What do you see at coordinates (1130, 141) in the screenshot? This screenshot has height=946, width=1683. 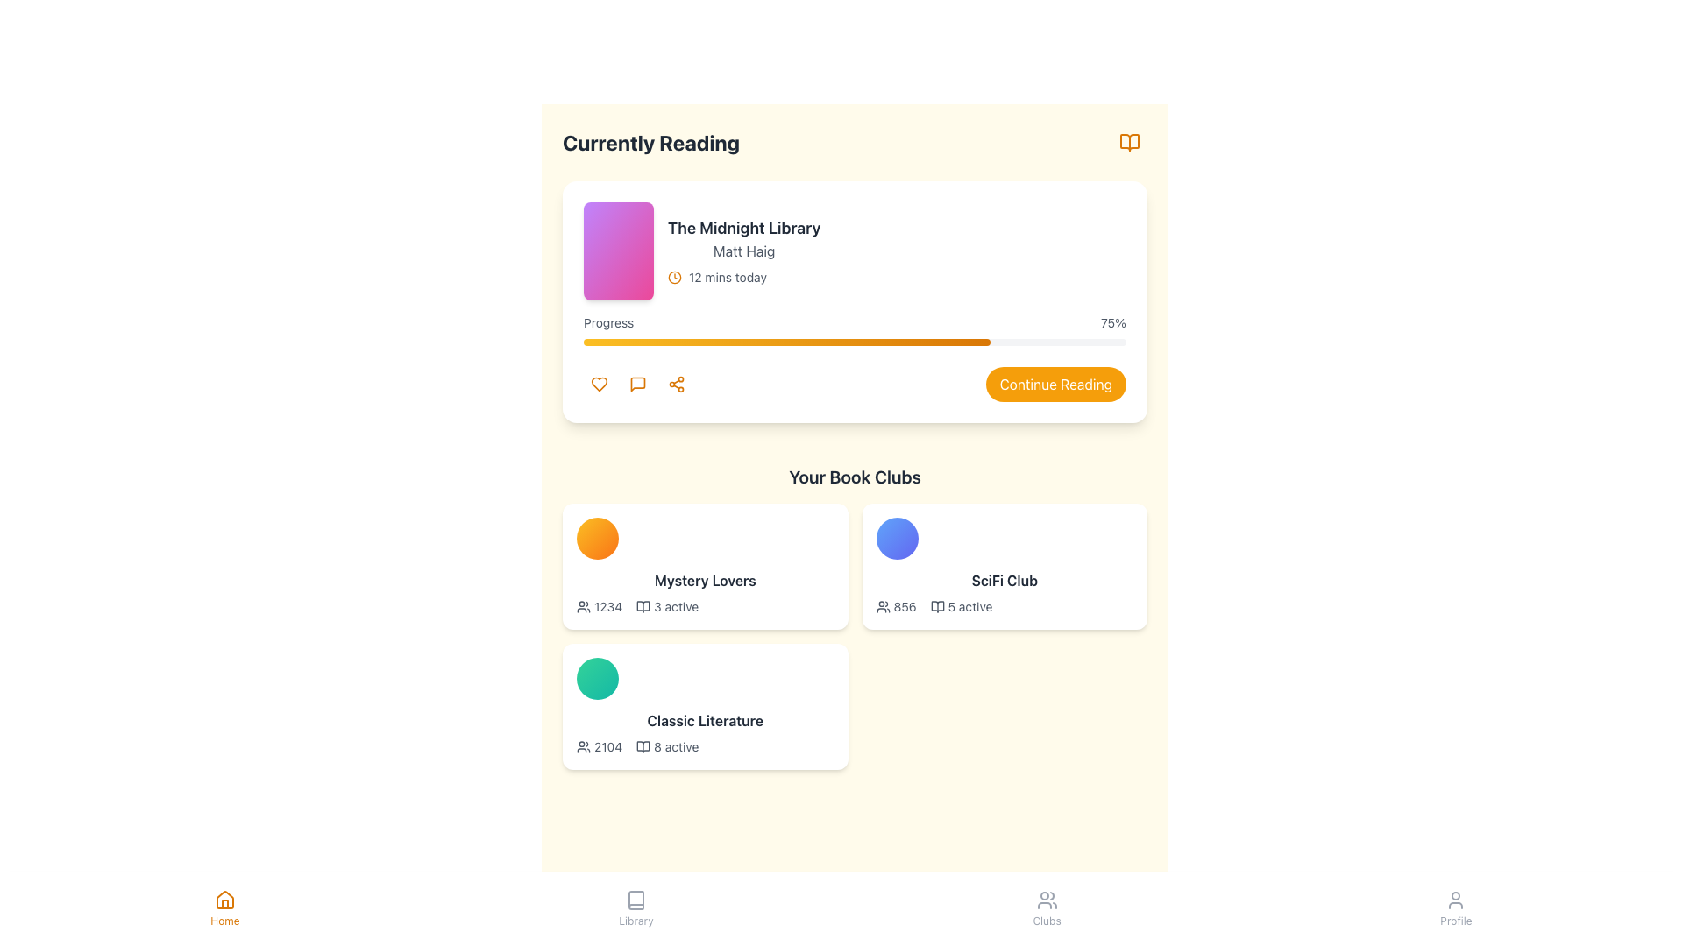 I see `the small, round button with a light yellowish background and an orange open book icon located at the top-right corner of the 'Currently Reading' section` at bounding box center [1130, 141].